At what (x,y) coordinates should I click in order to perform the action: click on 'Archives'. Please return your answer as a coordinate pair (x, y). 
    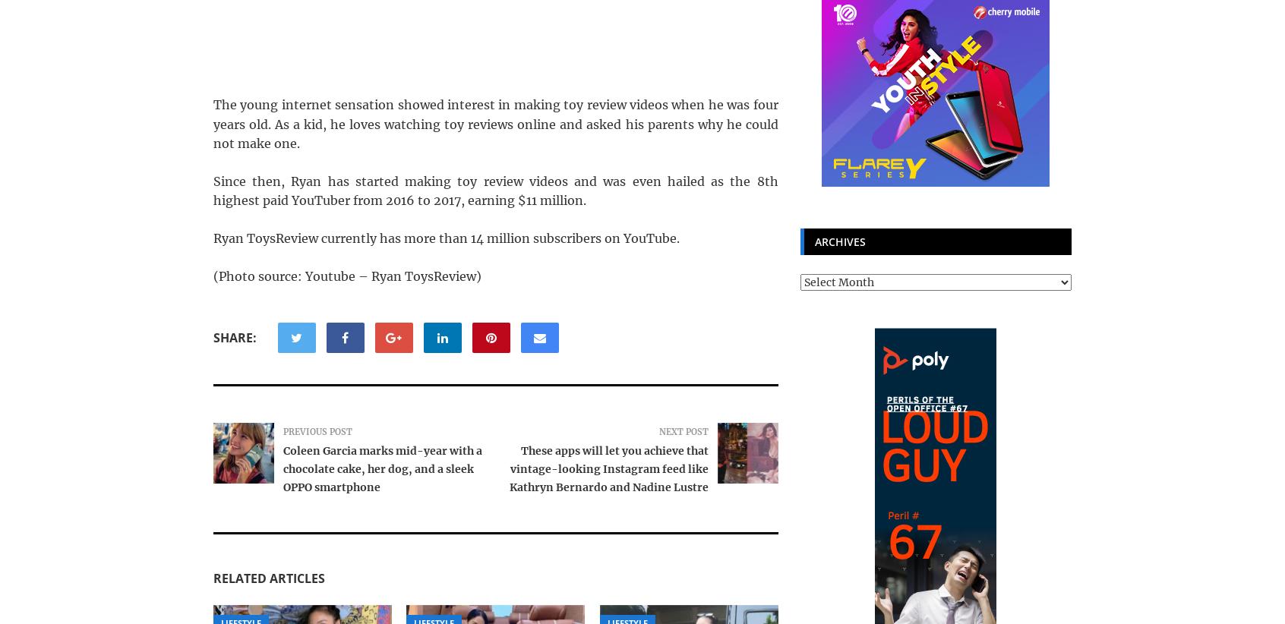
    Looking at the image, I should click on (839, 241).